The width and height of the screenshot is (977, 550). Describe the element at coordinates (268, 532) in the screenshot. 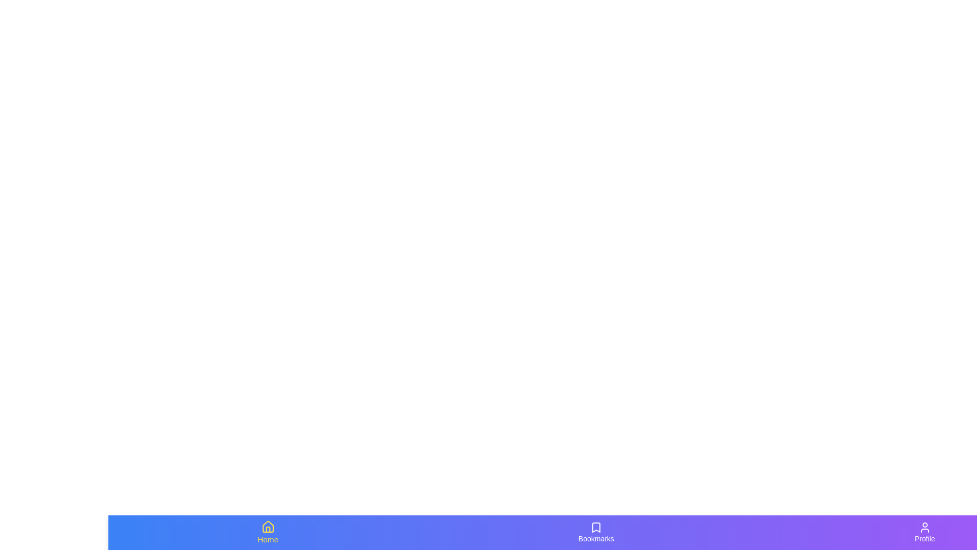

I see `the Home tab in the bottom navigation bar to navigate to the corresponding section` at that location.